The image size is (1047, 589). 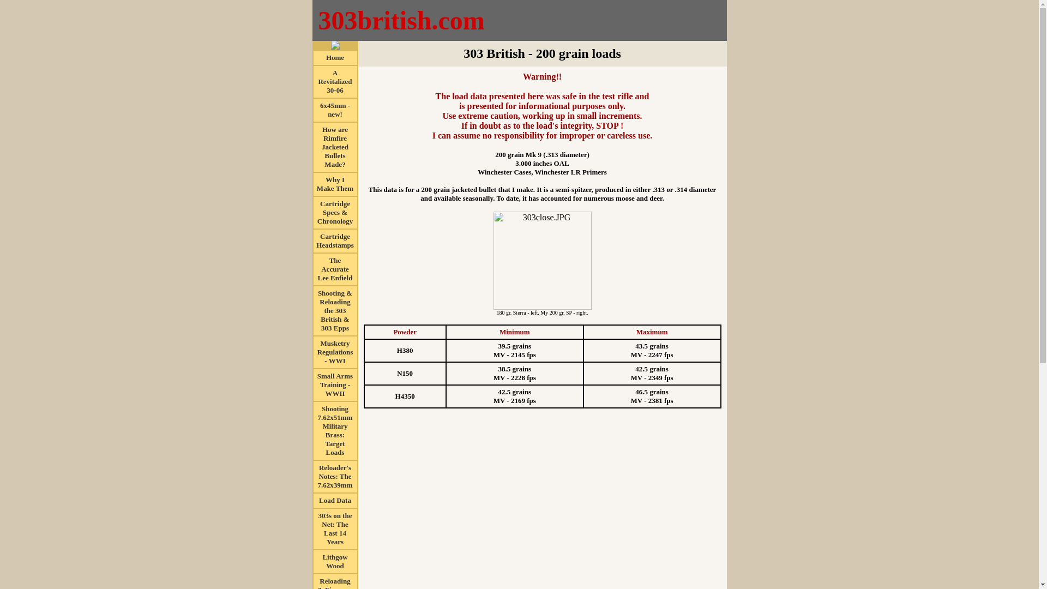 What do you see at coordinates (334, 109) in the screenshot?
I see `'6x45mm - new!'` at bounding box center [334, 109].